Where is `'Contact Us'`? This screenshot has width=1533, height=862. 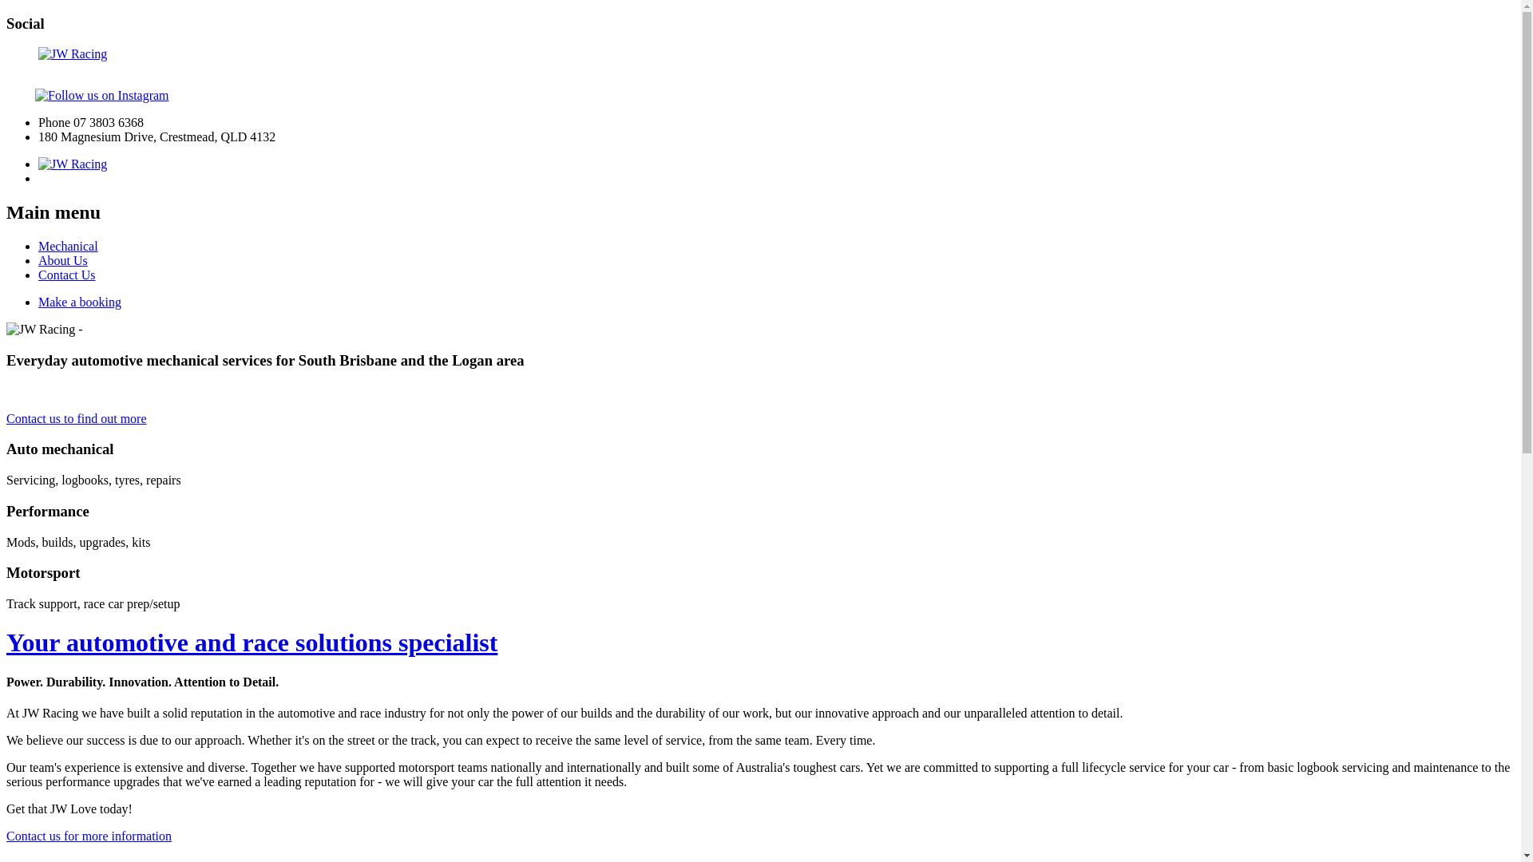
'Contact Us' is located at coordinates (65, 274).